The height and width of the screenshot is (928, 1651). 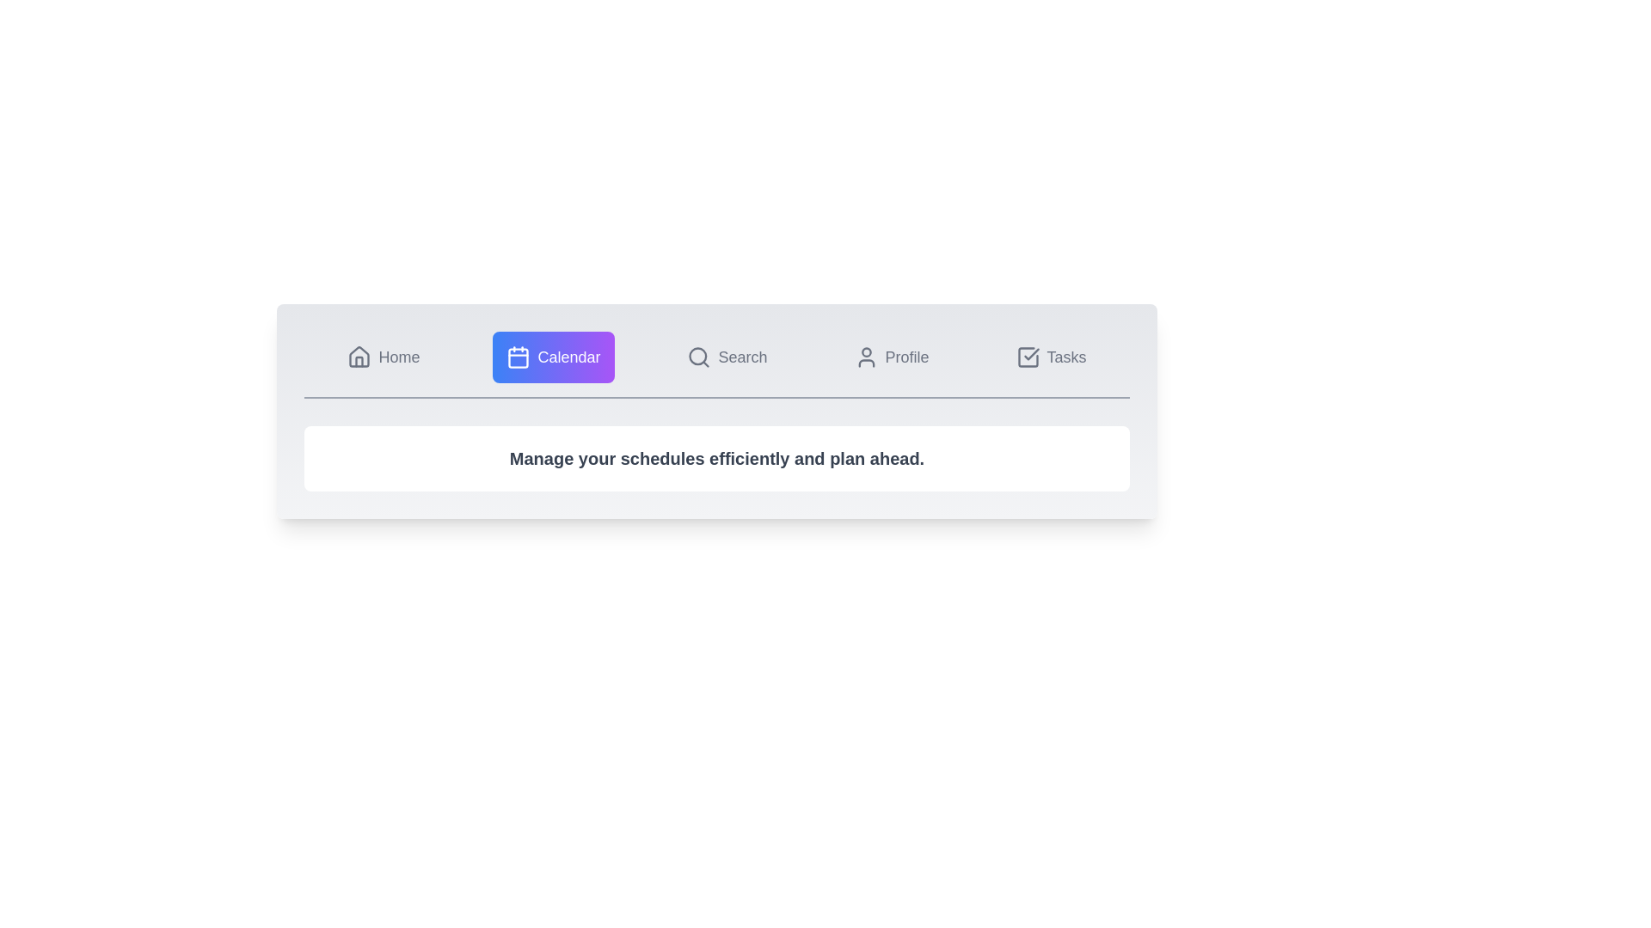 What do you see at coordinates (383, 357) in the screenshot?
I see `the tab labeled Home to observe its hover effect` at bounding box center [383, 357].